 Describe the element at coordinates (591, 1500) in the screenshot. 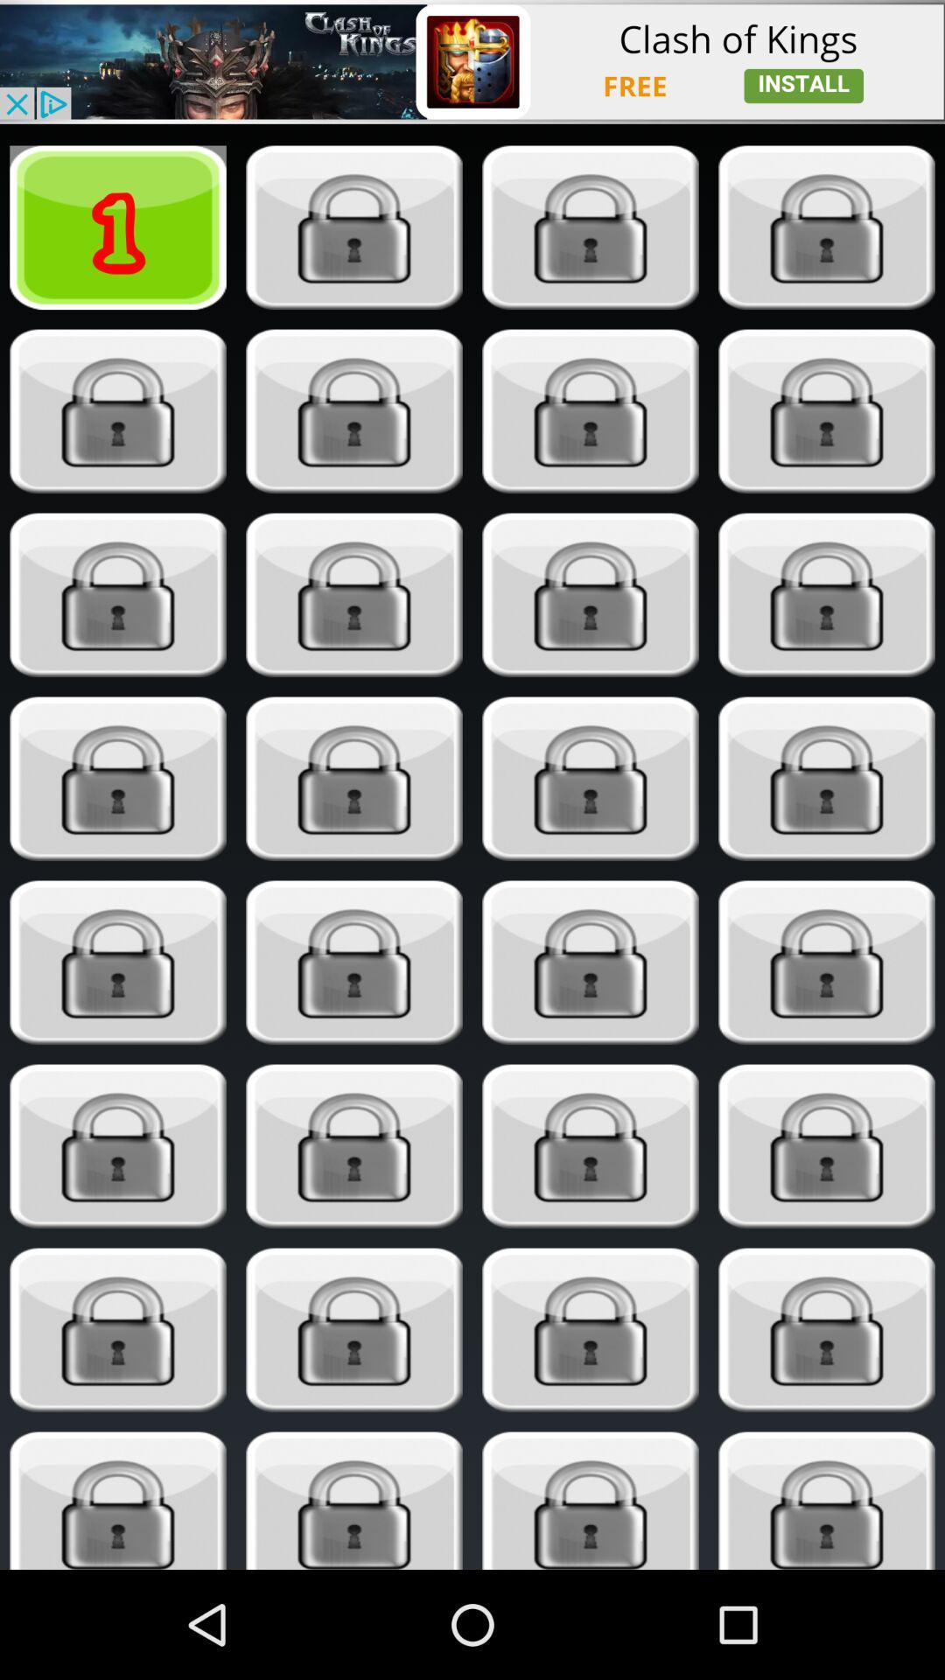

I see `button image` at that location.